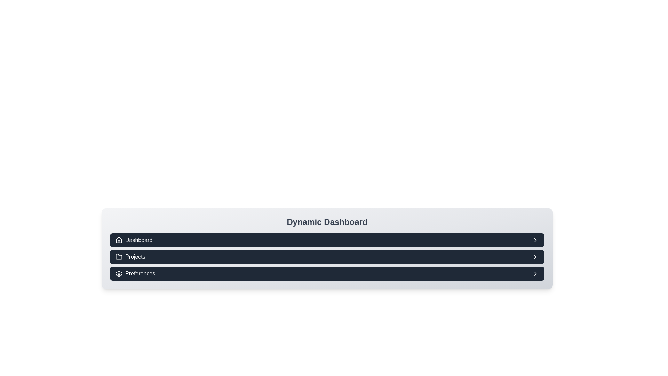  What do you see at coordinates (119, 257) in the screenshot?
I see `the folder icon located in the 'Projects' menu row, which is characterized by a clean, minimalistic geometric design` at bounding box center [119, 257].